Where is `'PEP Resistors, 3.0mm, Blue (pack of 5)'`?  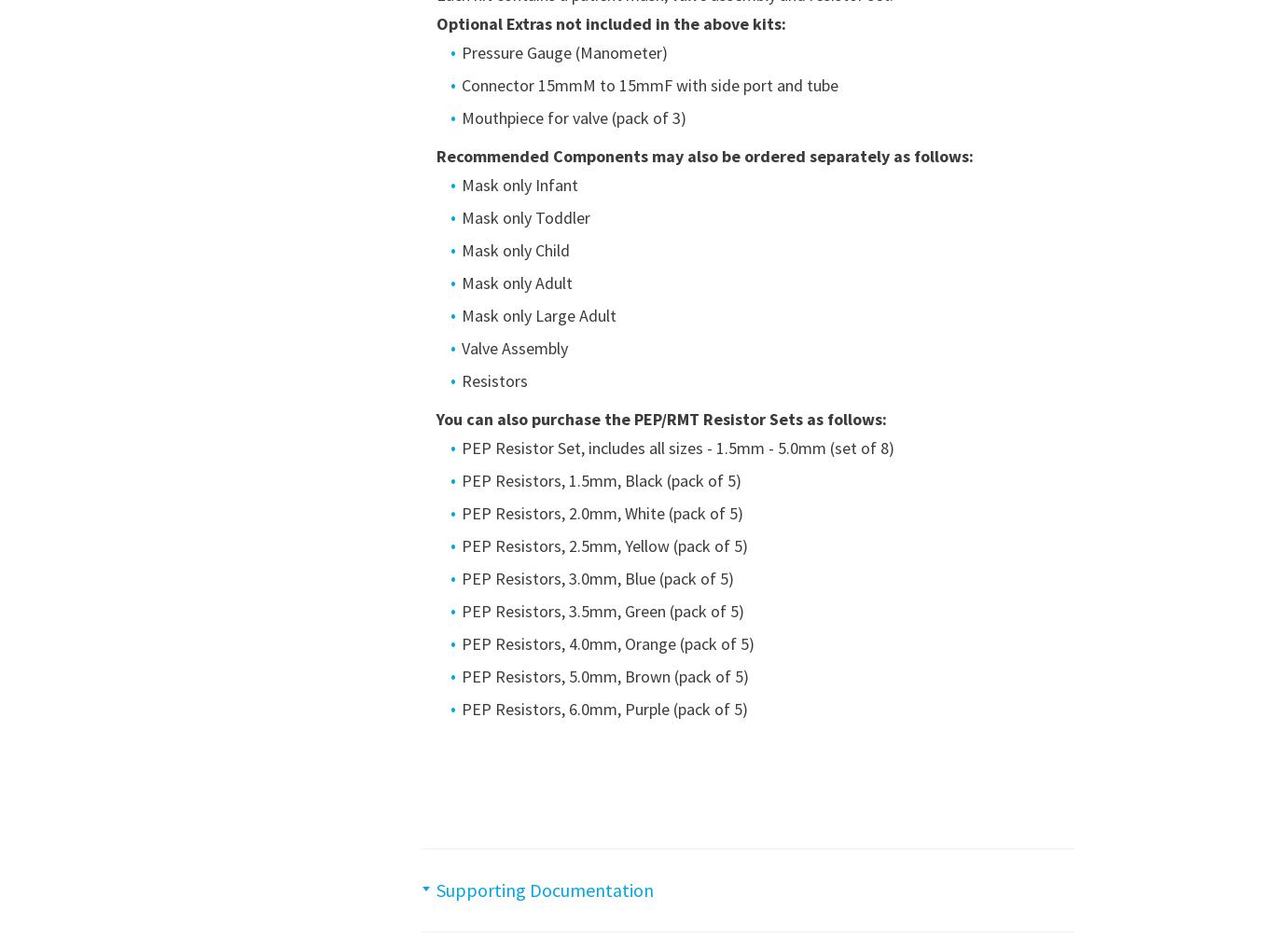
'PEP Resistors, 3.0mm, Blue (pack of 5)' is located at coordinates (460, 578).